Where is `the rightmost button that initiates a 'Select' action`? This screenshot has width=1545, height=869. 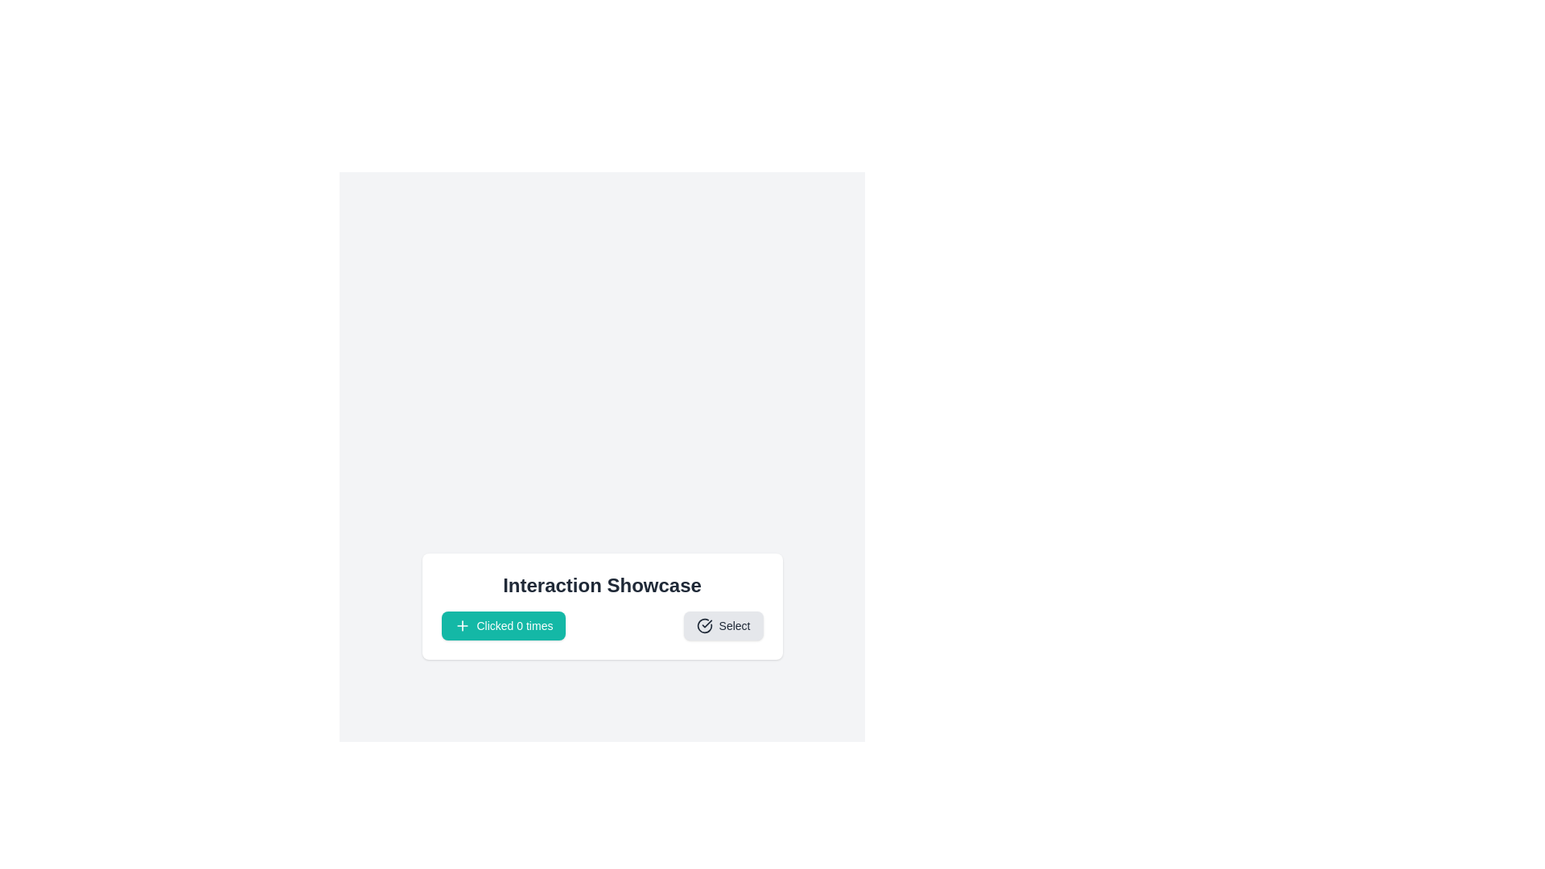 the rightmost button that initiates a 'Select' action is located at coordinates (722, 625).